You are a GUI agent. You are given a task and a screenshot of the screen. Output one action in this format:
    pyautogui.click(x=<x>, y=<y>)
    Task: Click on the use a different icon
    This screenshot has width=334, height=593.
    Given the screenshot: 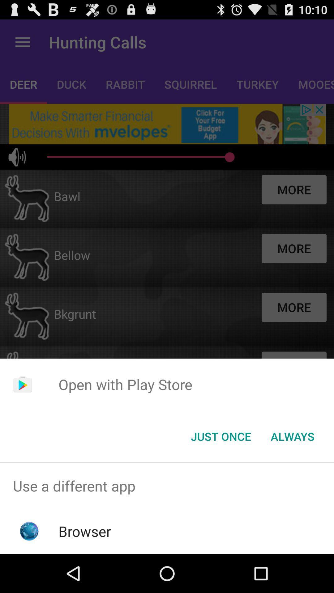 What is the action you would take?
    pyautogui.click(x=167, y=486)
    